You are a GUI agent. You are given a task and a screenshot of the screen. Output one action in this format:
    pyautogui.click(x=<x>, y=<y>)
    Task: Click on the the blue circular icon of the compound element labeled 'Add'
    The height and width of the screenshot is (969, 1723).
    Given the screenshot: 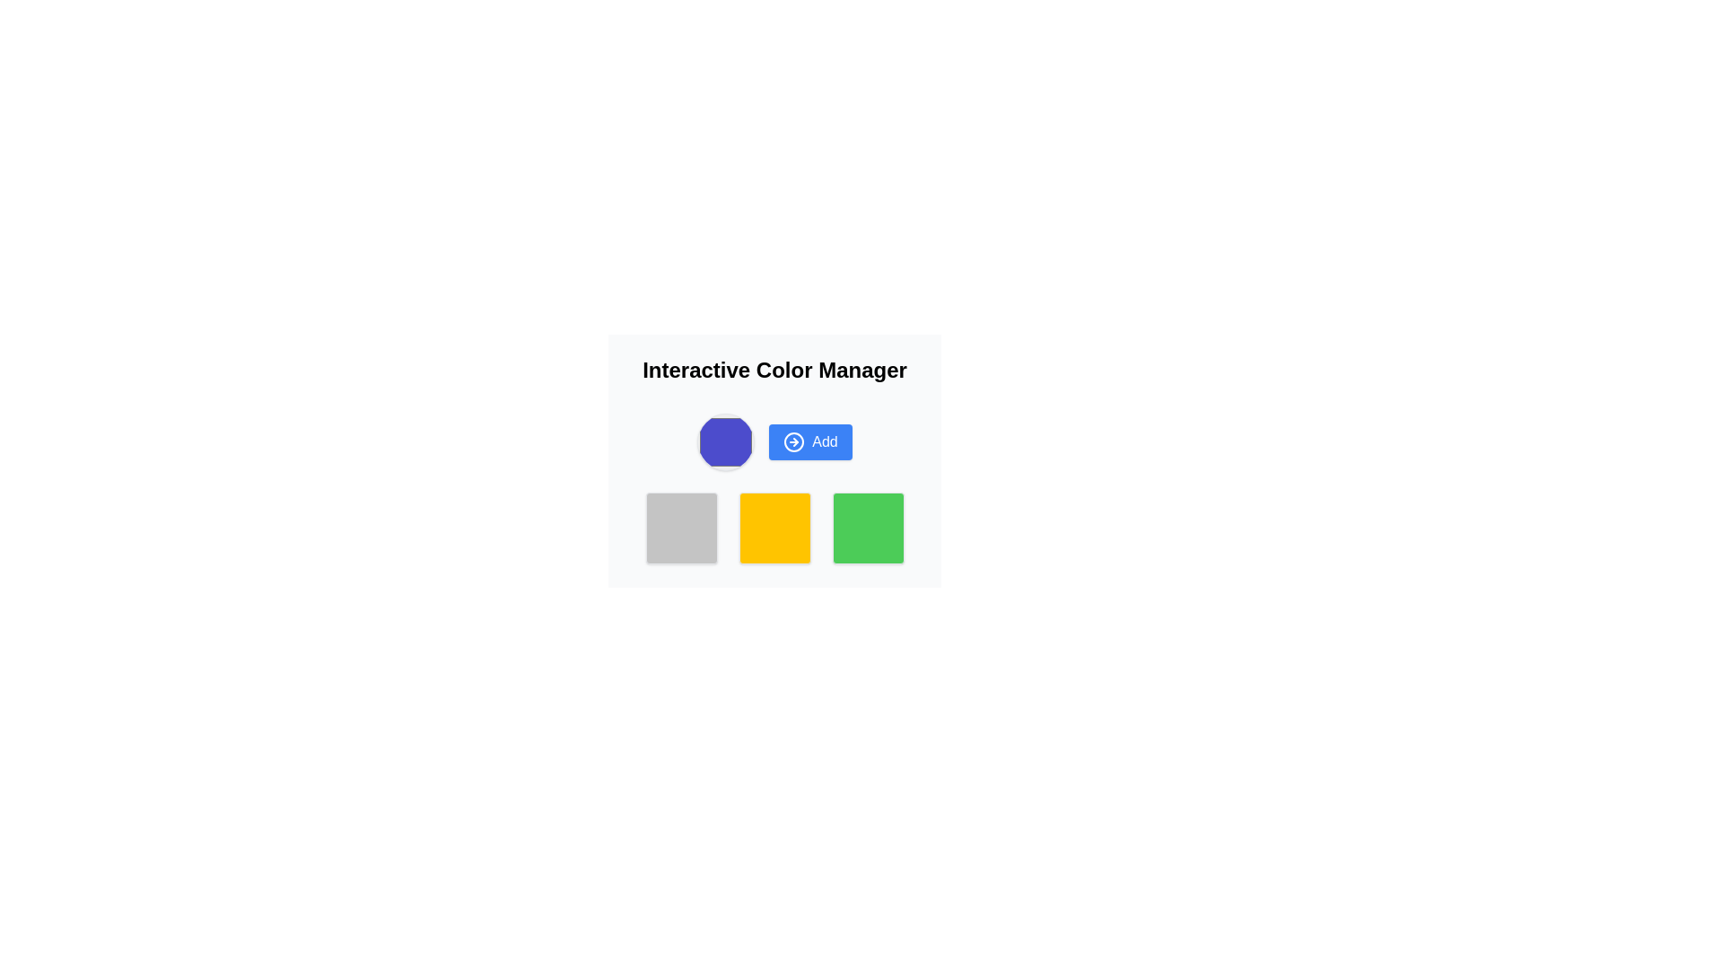 What is the action you would take?
    pyautogui.click(x=774, y=442)
    